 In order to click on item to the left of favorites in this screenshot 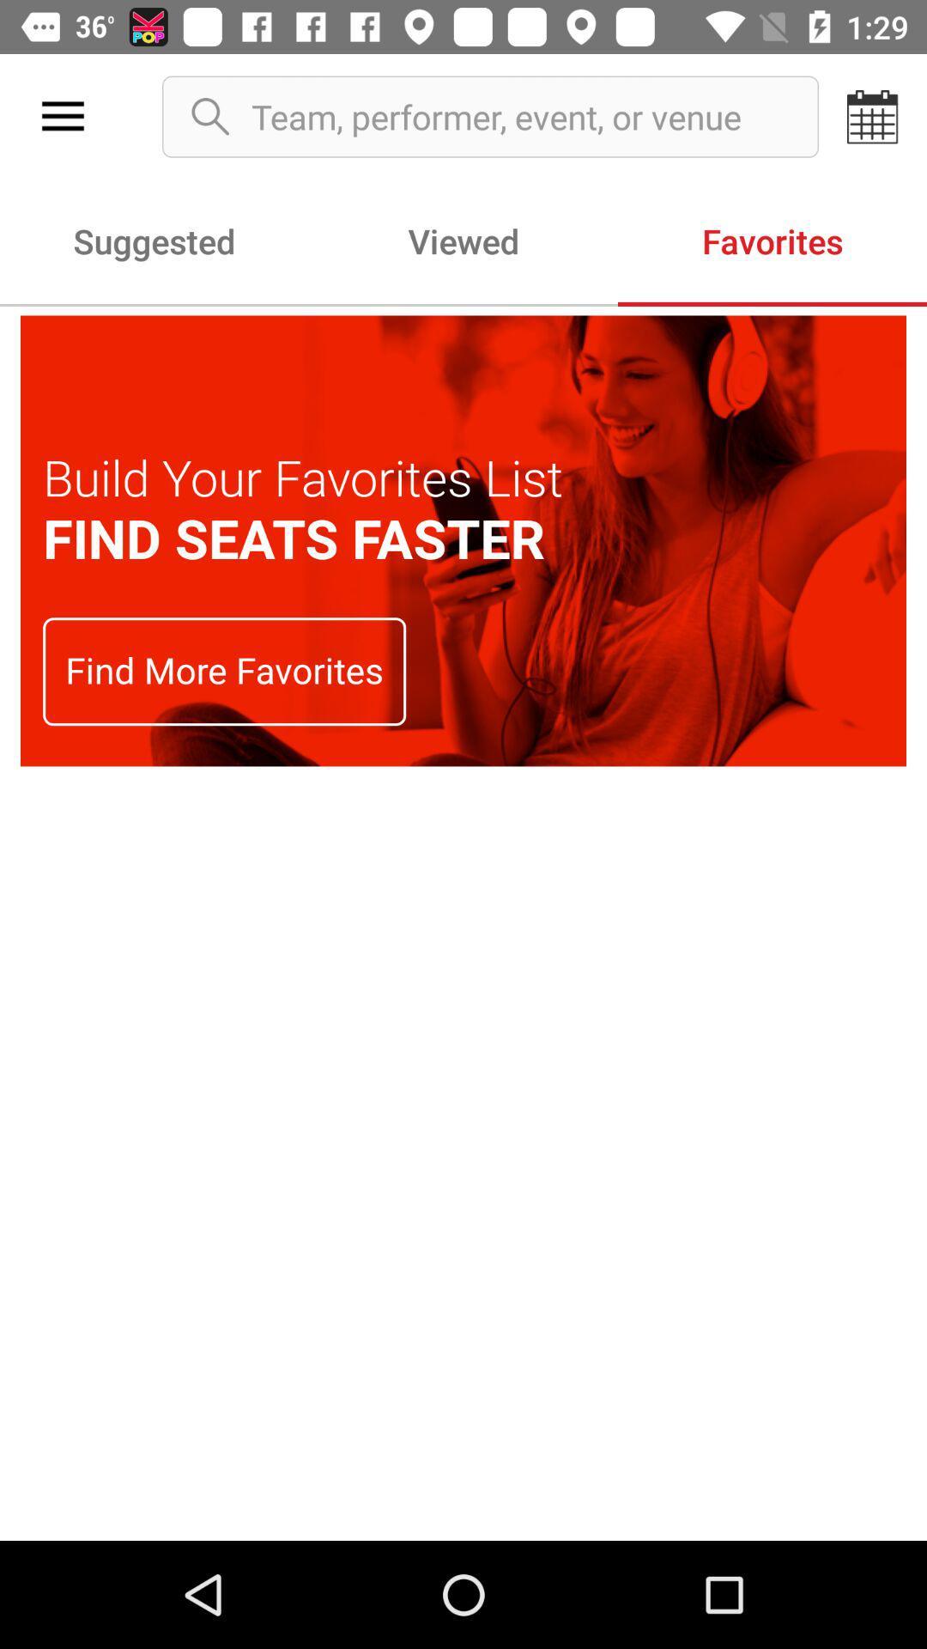, I will do `click(463, 240)`.